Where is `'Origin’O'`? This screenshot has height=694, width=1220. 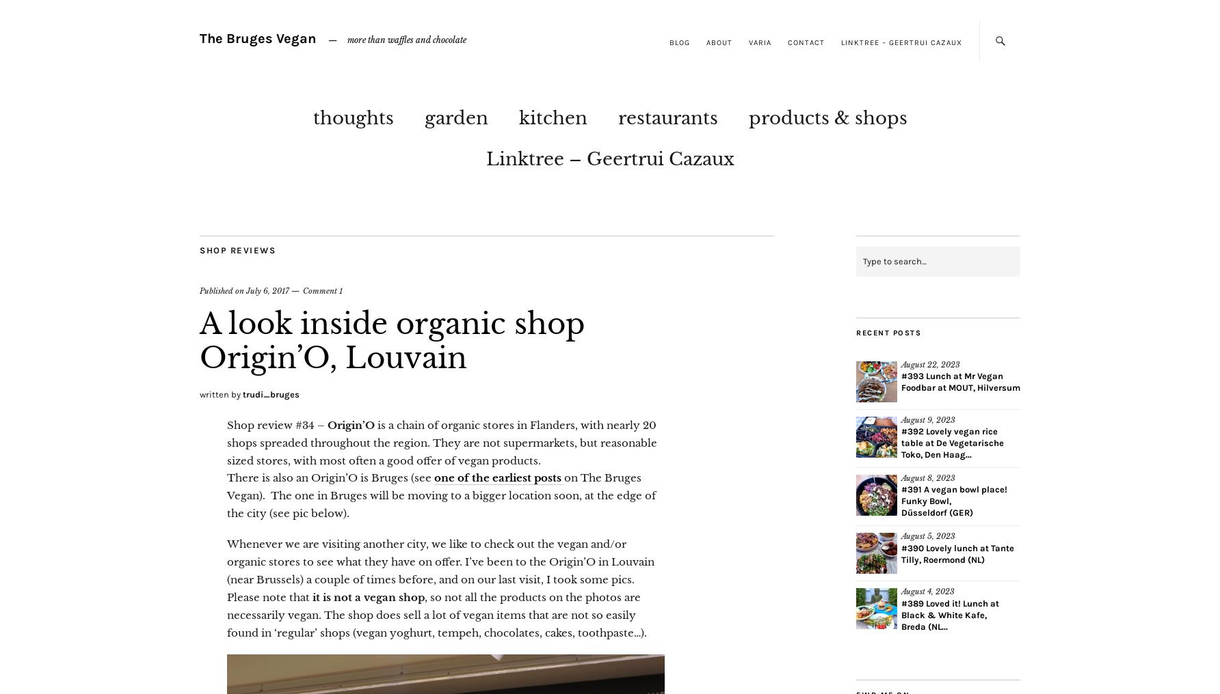
'Origin’O' is located at coordinates (351, 424).